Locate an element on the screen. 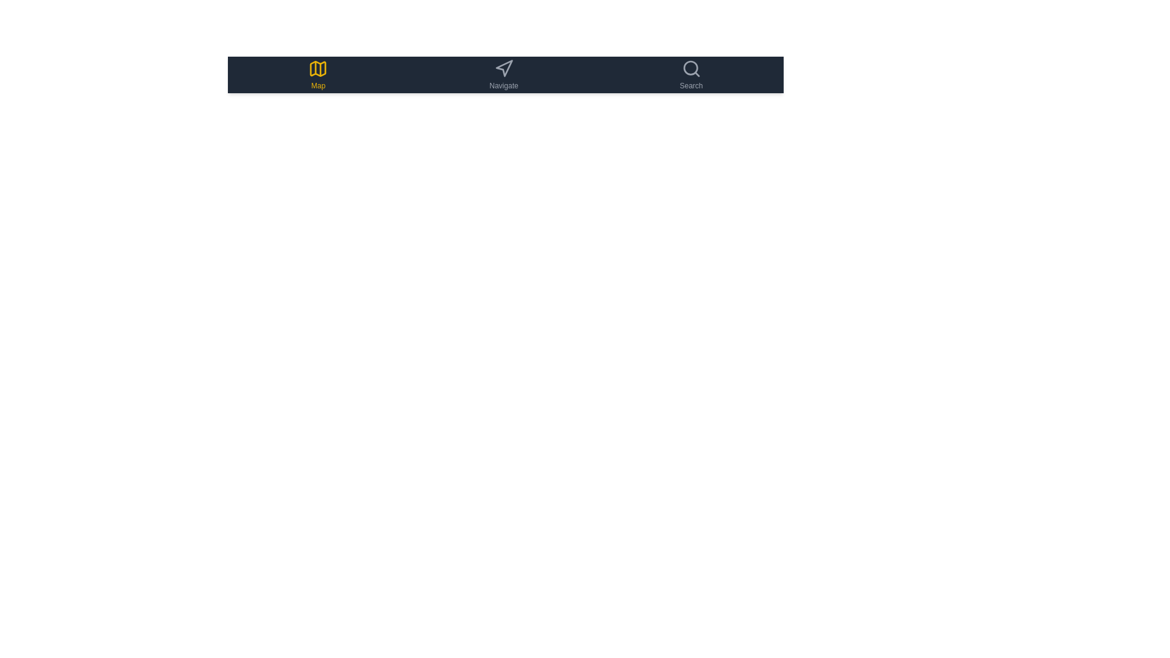  the folded map icon with a yellow outline located in the horizontal navigation bar is located at coordinates (318, 68).